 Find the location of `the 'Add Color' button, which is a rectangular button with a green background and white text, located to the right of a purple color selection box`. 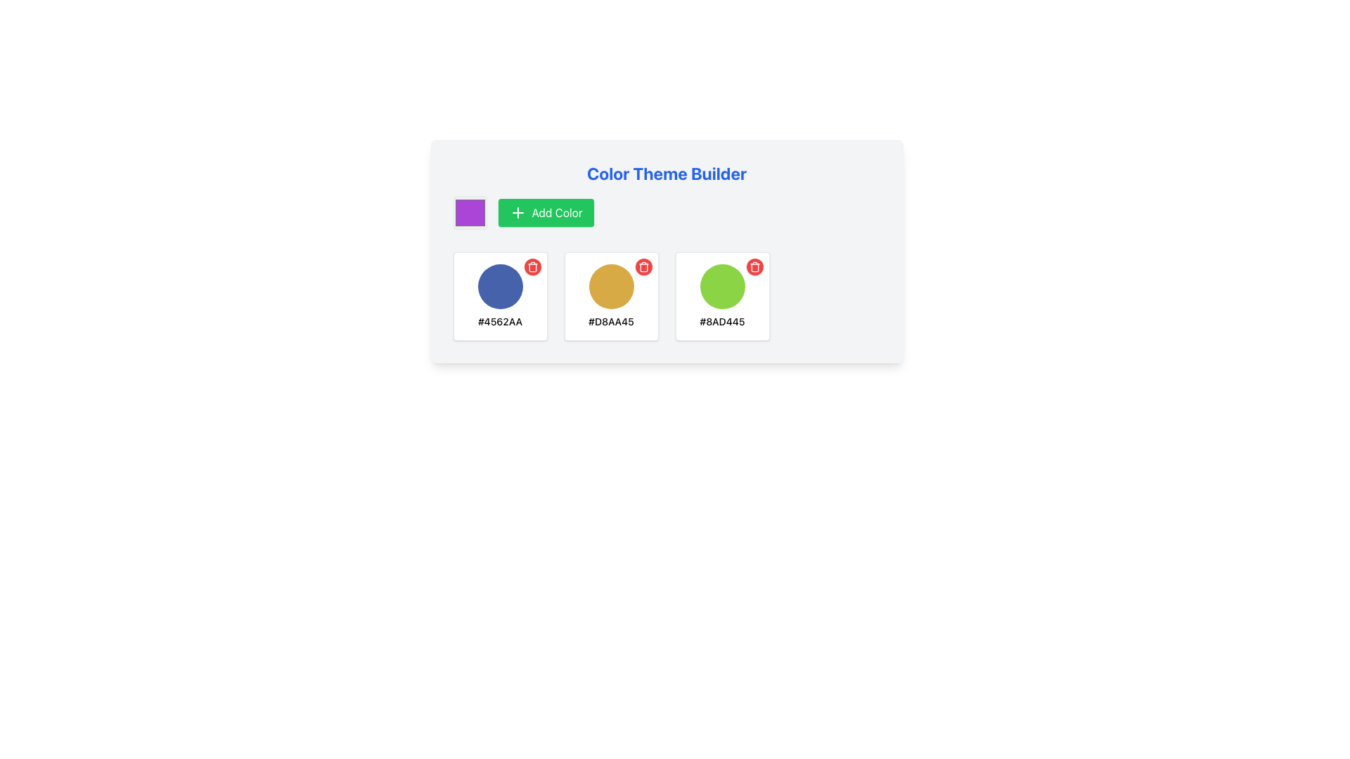

the 'Add Color' button, which is a rectangular button with a green background and white text, located to the right of a purple color selection box is located at coordinates (545, 213).